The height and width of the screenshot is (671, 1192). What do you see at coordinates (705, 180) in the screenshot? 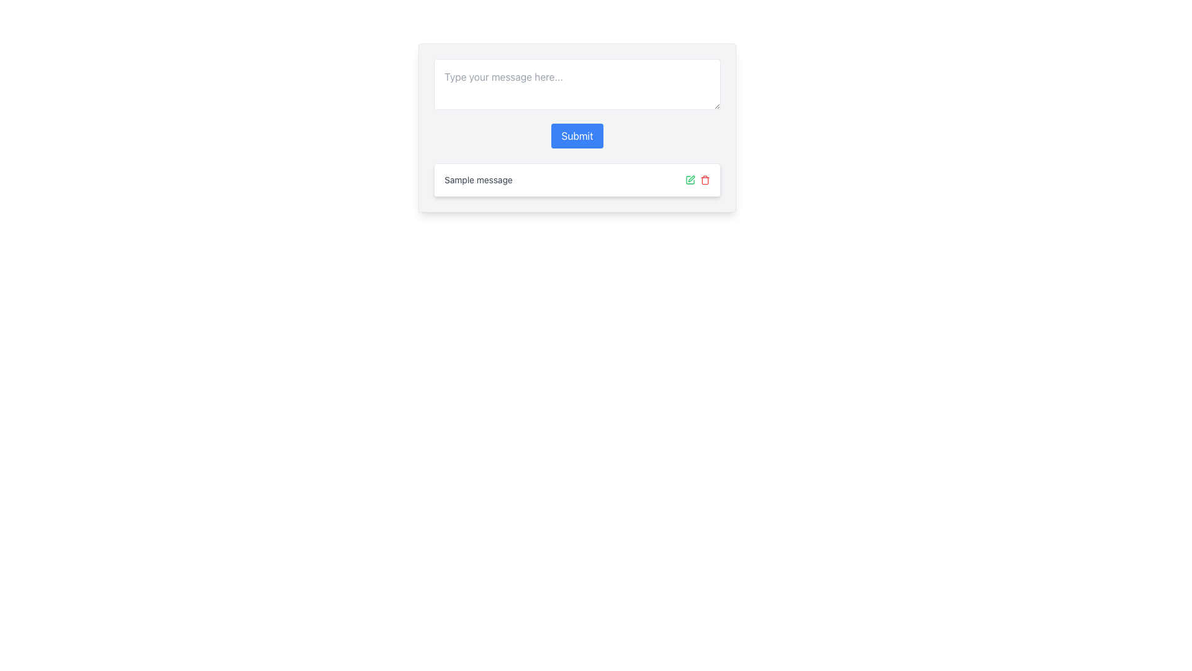
I see `the deletion button, which is the second interactive element in the row of icons, positioned to the right of the text content` at bounding box center [705, 180].